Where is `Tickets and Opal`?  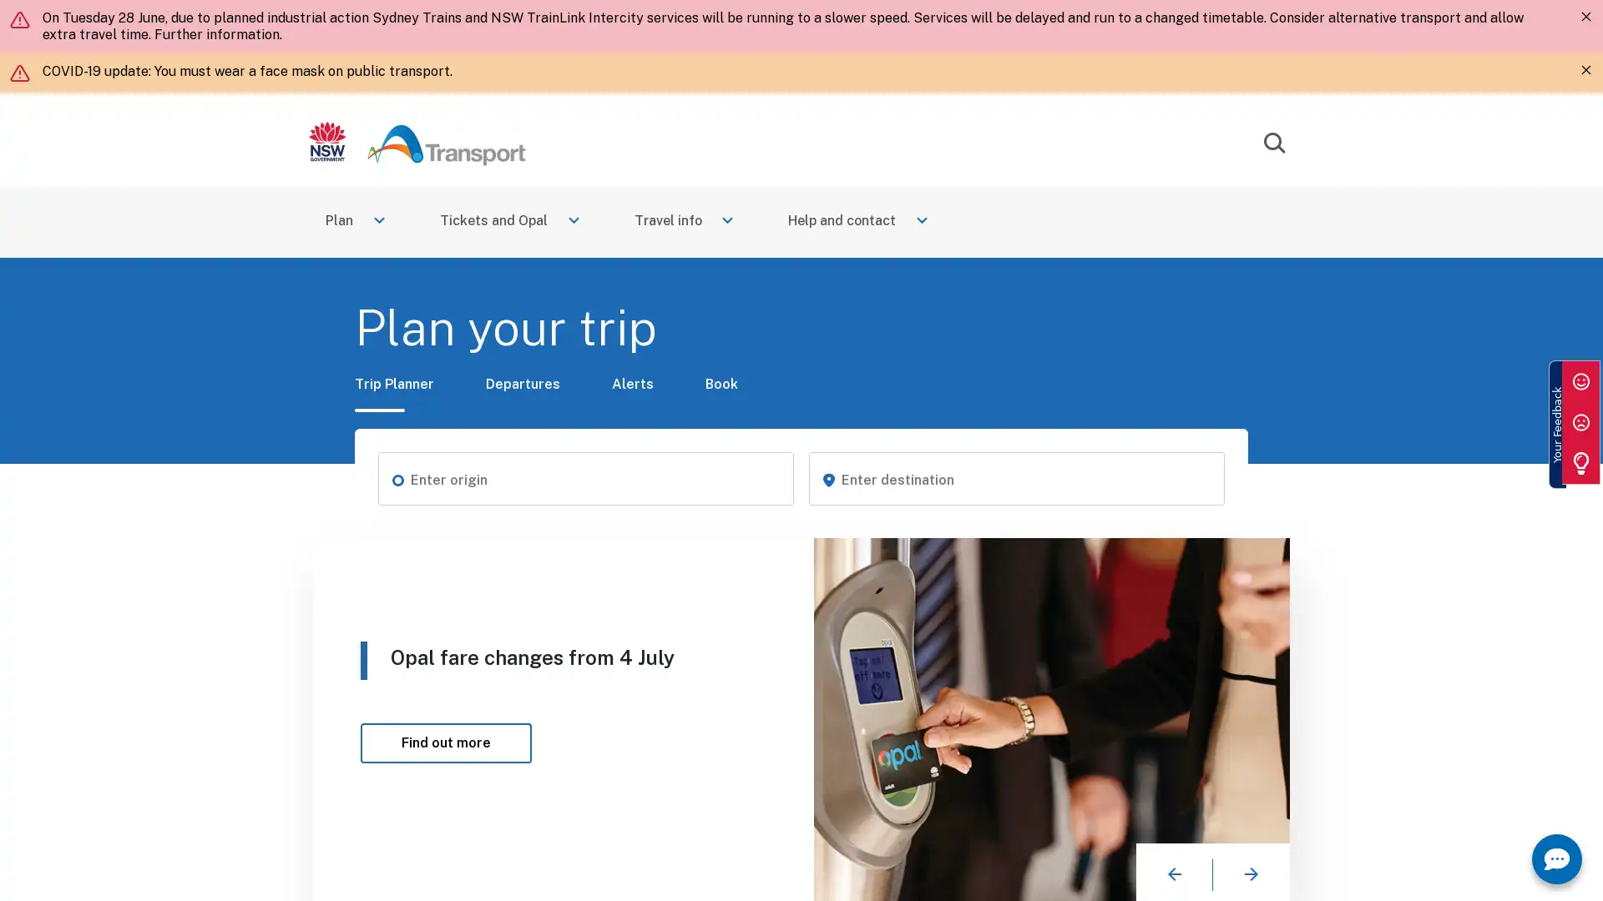
Tickets and Opal is located at coordinates (510, 221).